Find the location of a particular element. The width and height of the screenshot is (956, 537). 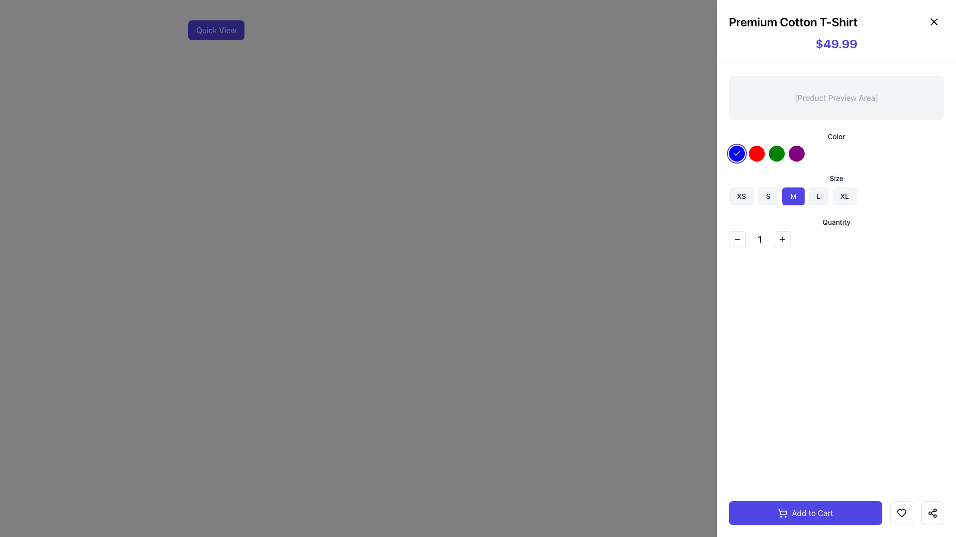

the medium-sized indigo button with white text displaying 'M' is located at coordinates (793, 196).